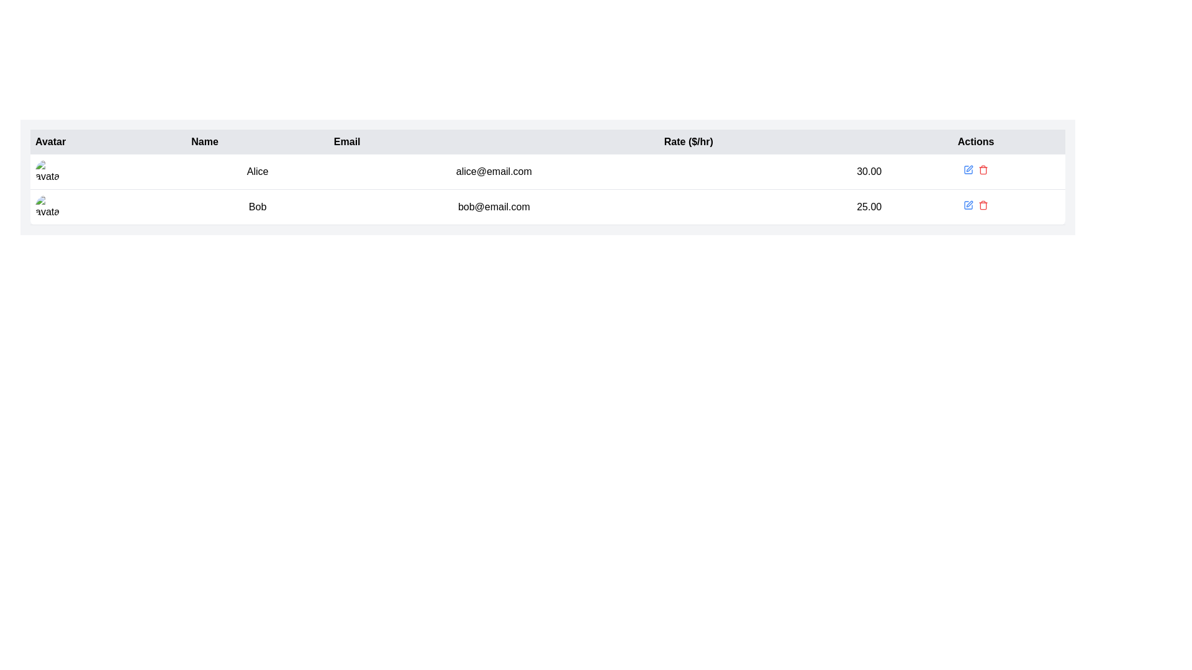 The image size is (1192, 670). What do you see at coordinates (547, 172) in the screenshot?
I see `the first row of the table that contains the name 'Alice', the email 'alice@email.com', and the monetary value '30.00'` at bounding box center [547, 172].